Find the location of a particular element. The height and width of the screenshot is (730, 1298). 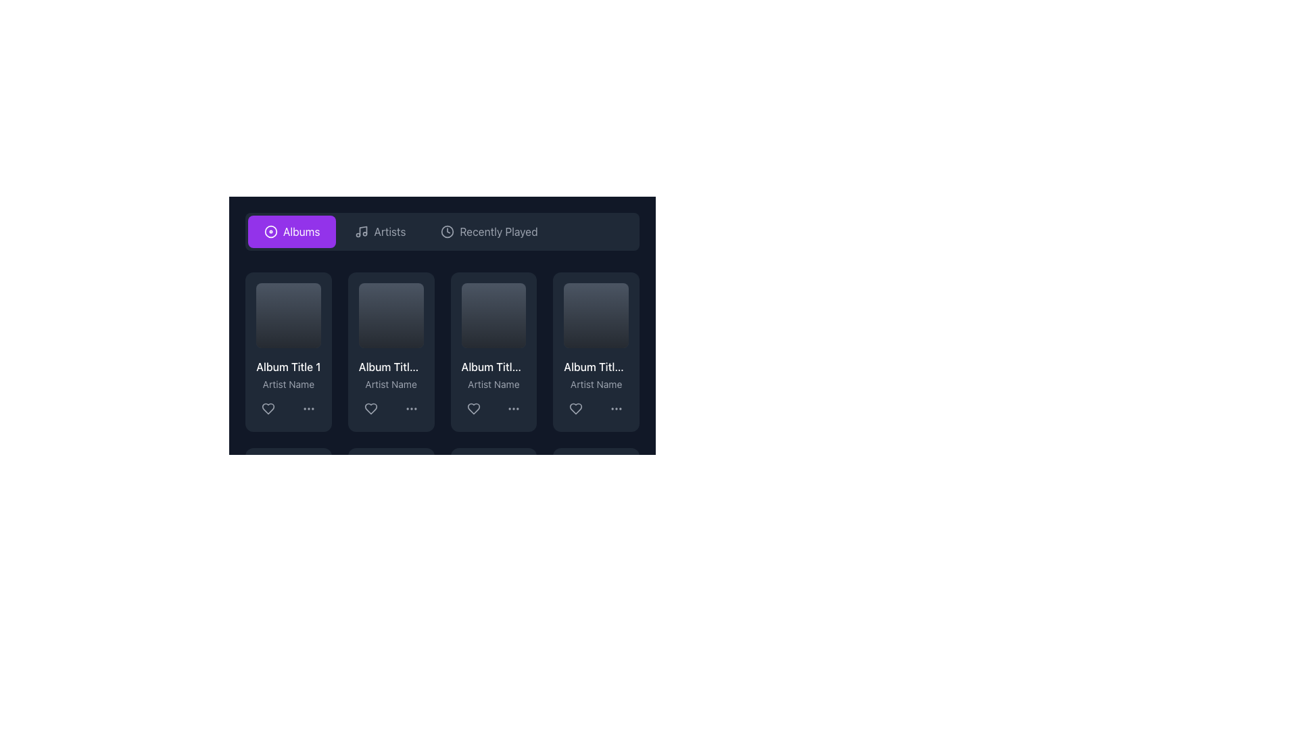

the 'favorite' or 'like' button located on the first album card in the grid layout, positioned near the lower section of the card is located at coordinates (268, 408).